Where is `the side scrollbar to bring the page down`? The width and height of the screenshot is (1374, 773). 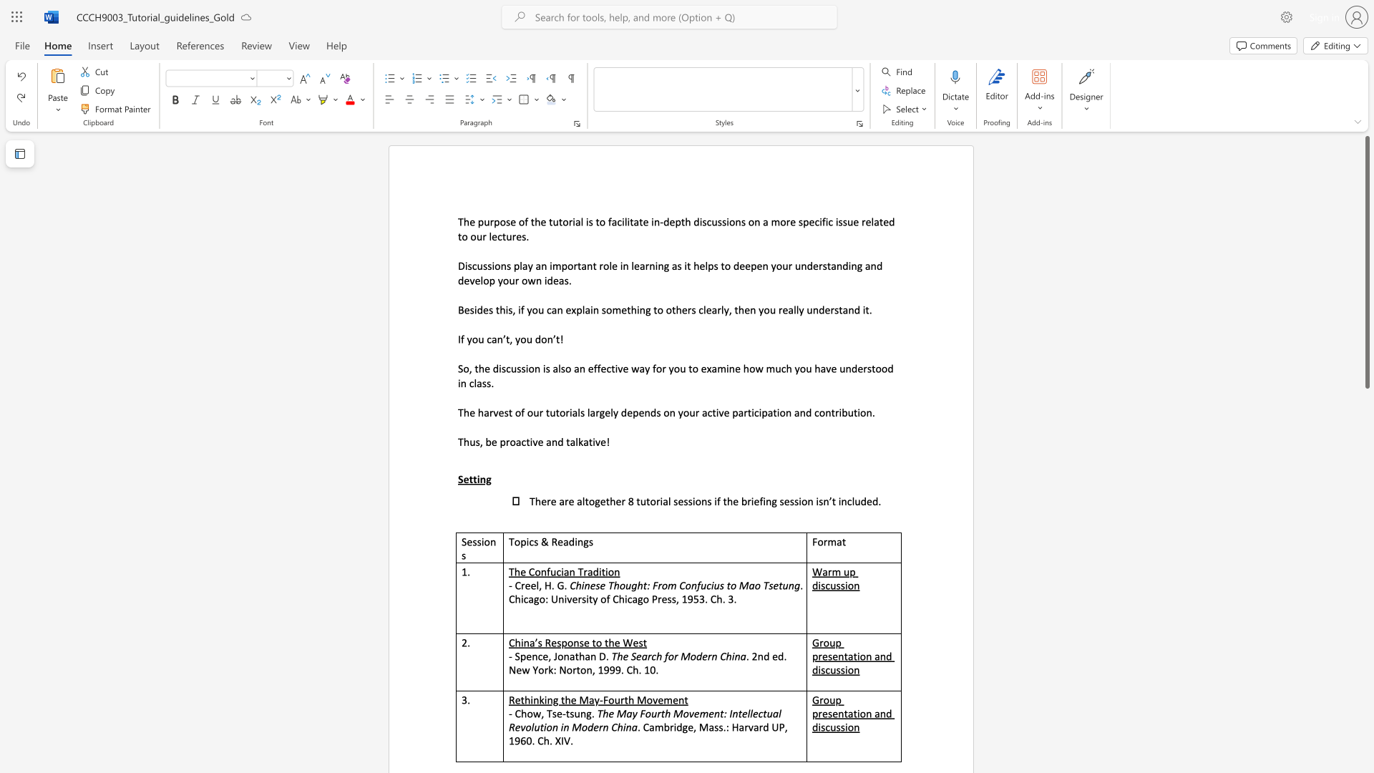
the side scrollbar to bring the page down is located at coordinates (1366, 651).